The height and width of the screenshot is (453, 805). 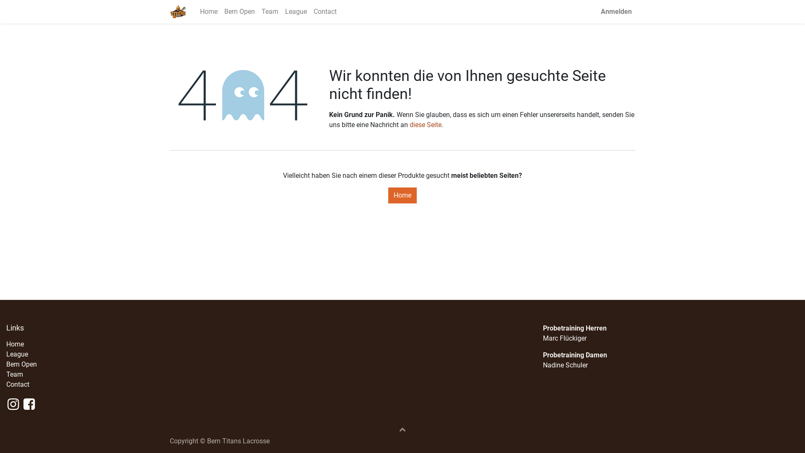 What do you see at coordinates (597, 11) in the screenshot?
I see `'Anmelden'` at bounding box center [597, 11].